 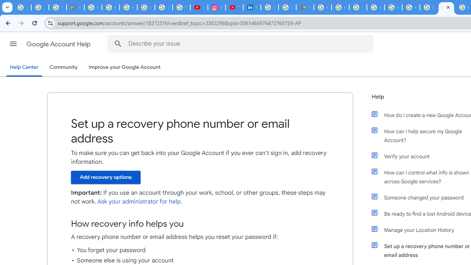 I want to click on 'Improve your Google Account', so click(x=125, y=67).